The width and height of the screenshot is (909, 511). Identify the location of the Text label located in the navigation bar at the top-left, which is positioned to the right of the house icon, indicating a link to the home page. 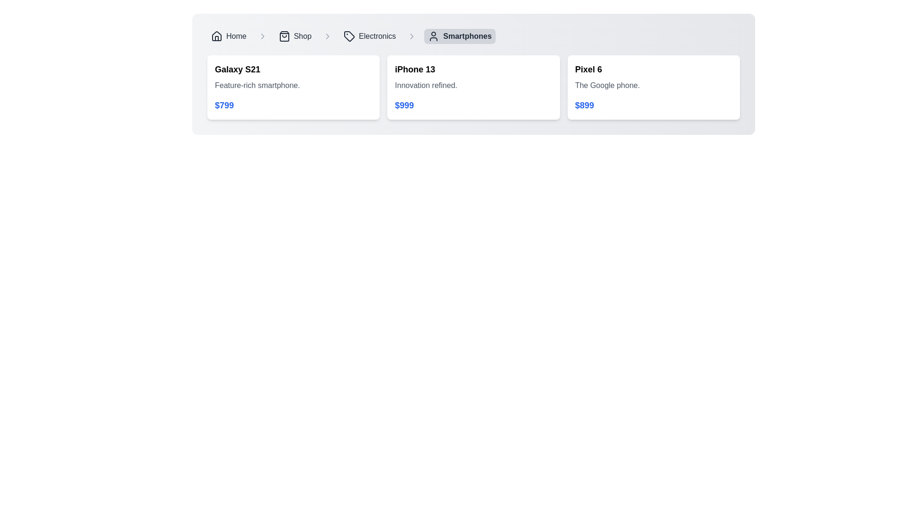
(236, 36).